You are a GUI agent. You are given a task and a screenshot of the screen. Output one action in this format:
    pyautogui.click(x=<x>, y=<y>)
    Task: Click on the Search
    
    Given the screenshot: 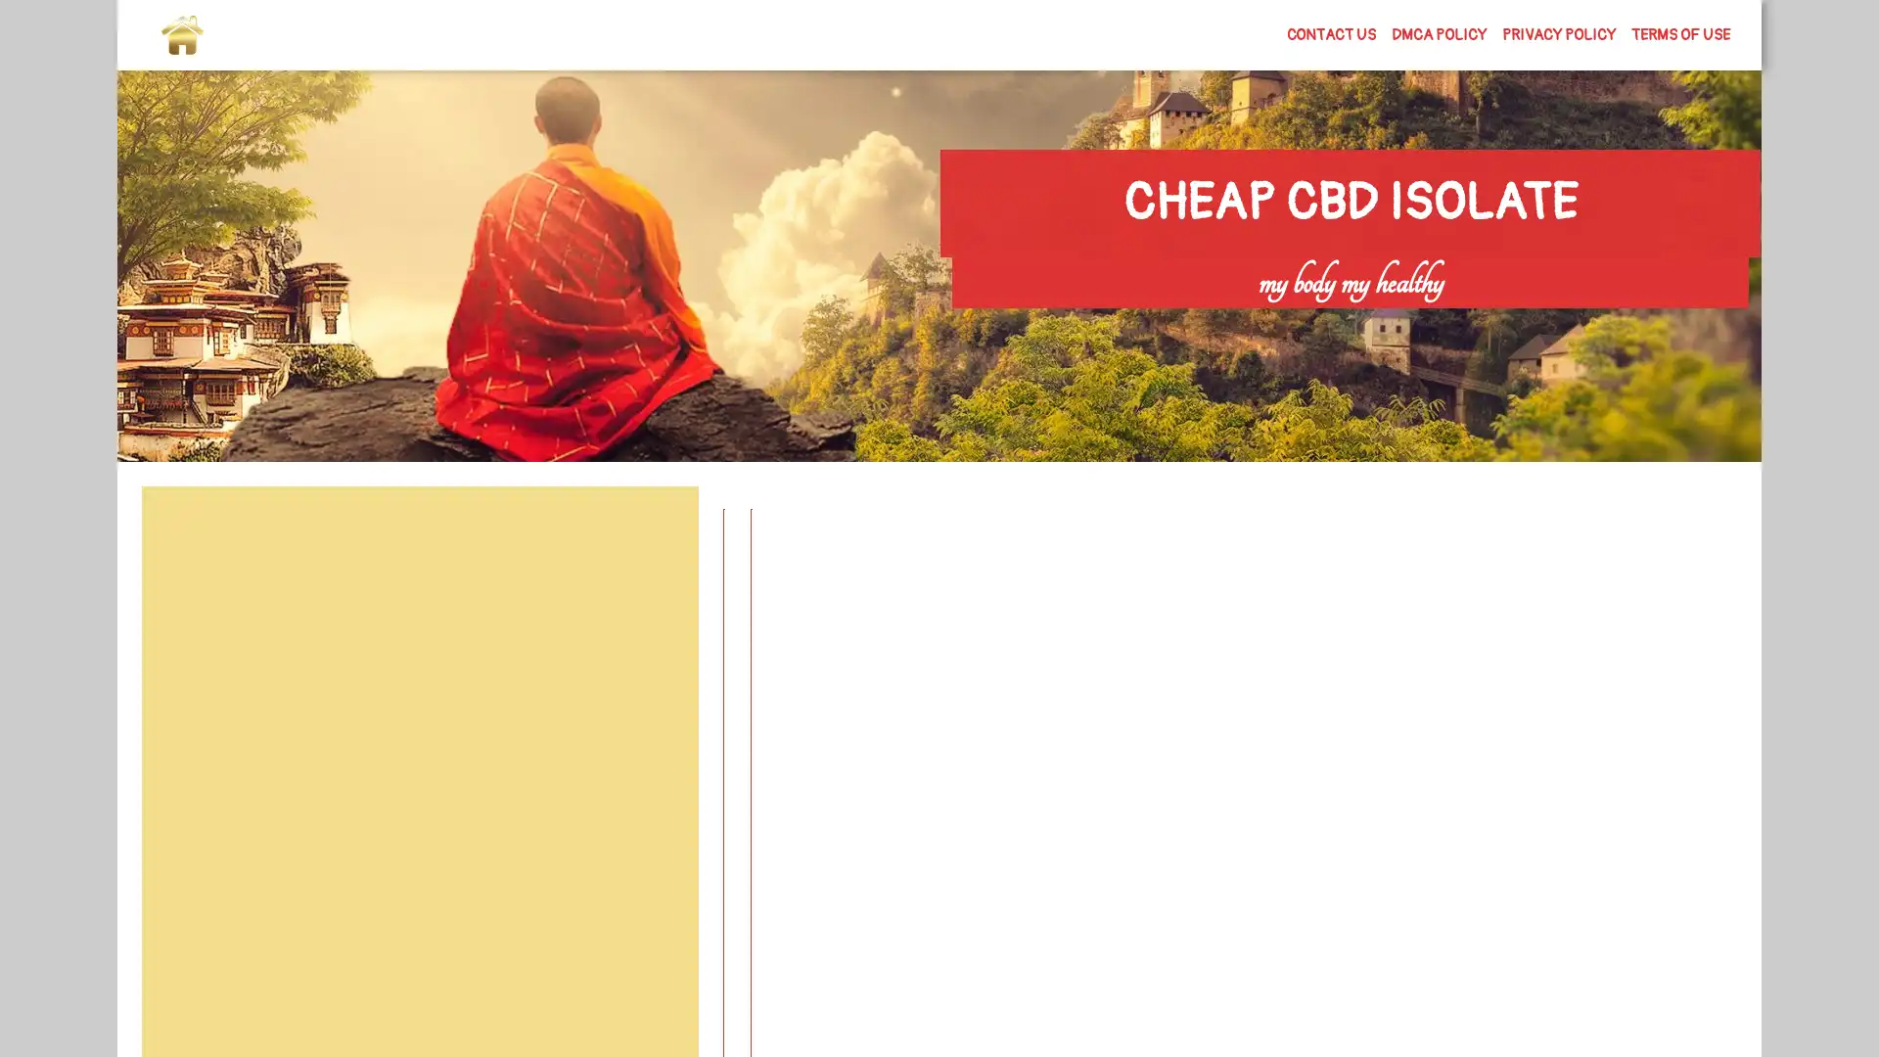 What is the action you would take?
    pyautogui.click(x=1524, y=320)
    